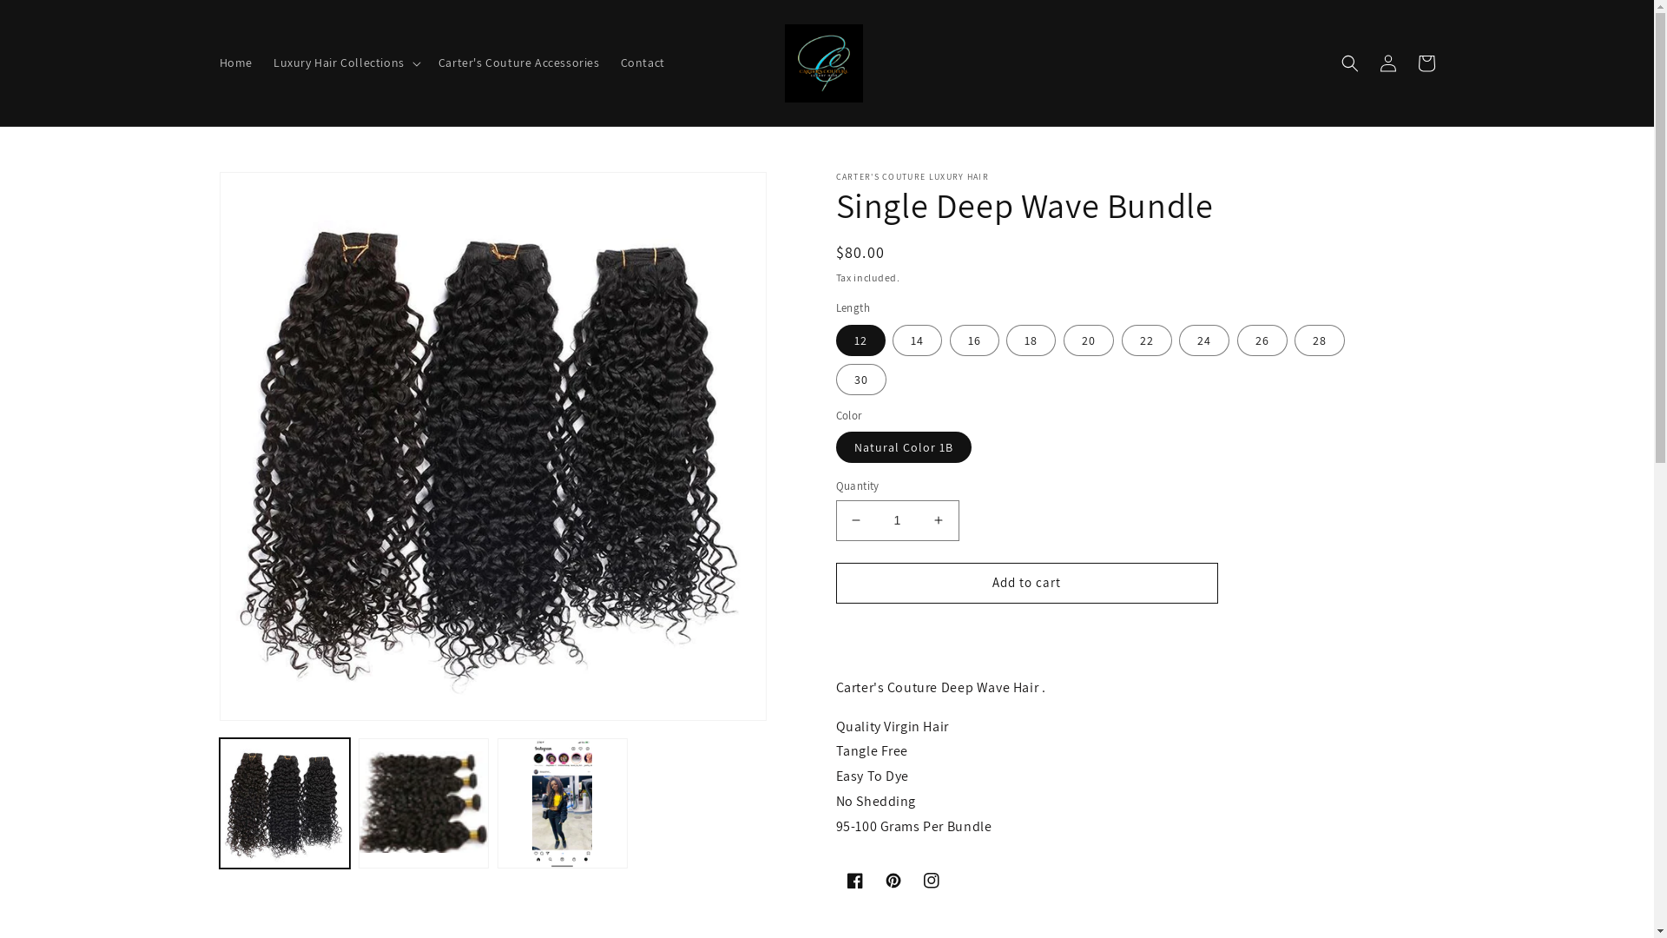 This screenshot has width=1667, height=938. Describe the element at coordinates (856, 519) in the screenshot. I see `'Decrease quantity for Single Deep Wave Bundle'` at that location.